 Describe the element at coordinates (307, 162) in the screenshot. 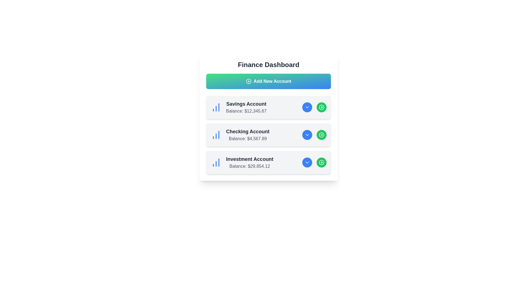

I see `the dropdown icon next to the Investment Account account to expand its details` at that location.